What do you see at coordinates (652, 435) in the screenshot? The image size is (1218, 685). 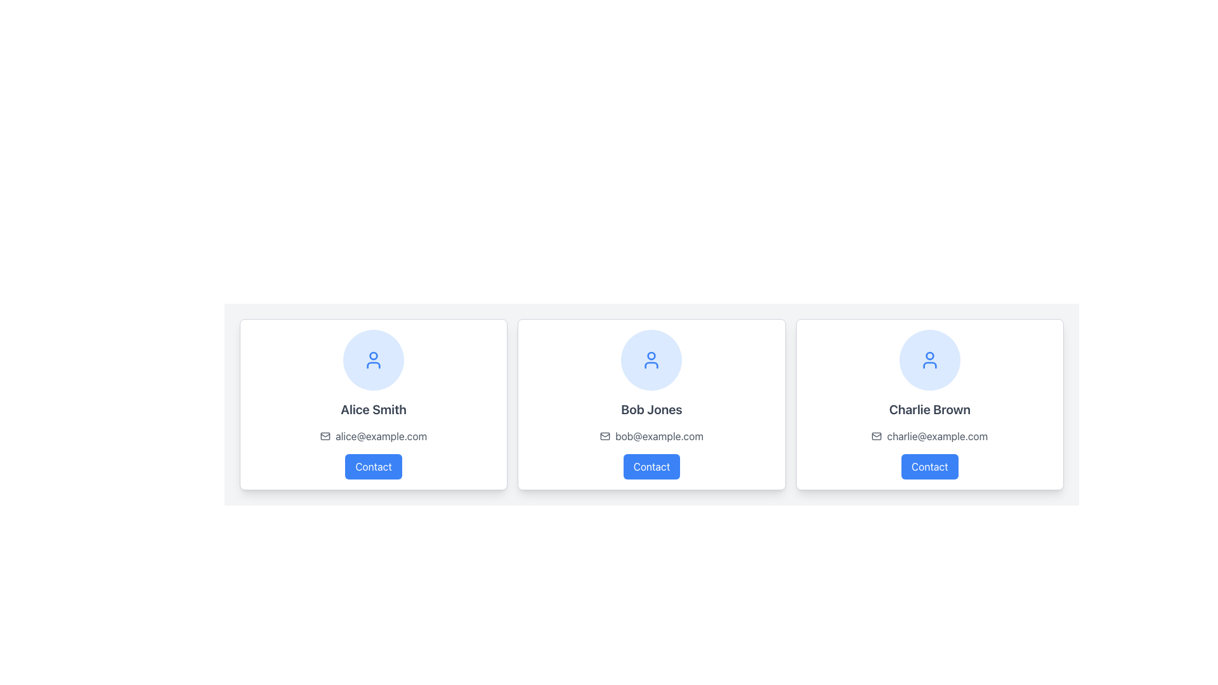 I see `the email address 'bob@example.com' displayed in gray font, accompanied by a mail icon on its left, for copying` at bounding box center [652, 435].